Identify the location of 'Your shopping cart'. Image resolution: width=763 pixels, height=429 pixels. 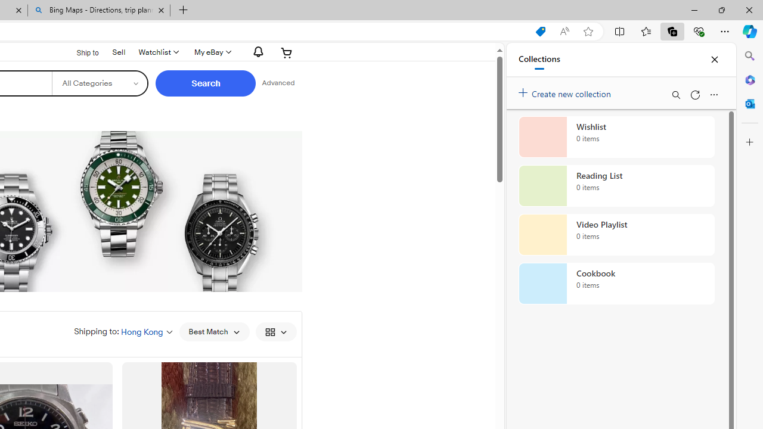
(287, 52).